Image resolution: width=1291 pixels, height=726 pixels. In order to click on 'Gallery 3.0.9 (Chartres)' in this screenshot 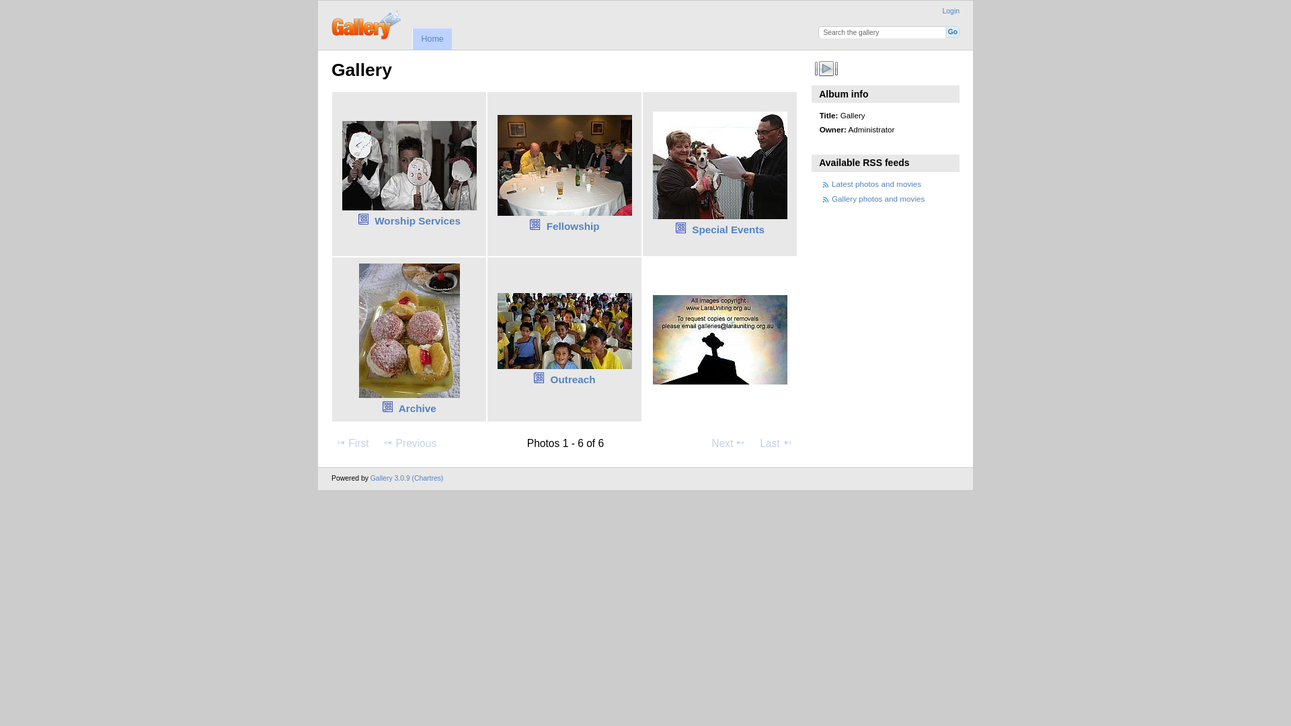, I will do `click(406, 477)`.